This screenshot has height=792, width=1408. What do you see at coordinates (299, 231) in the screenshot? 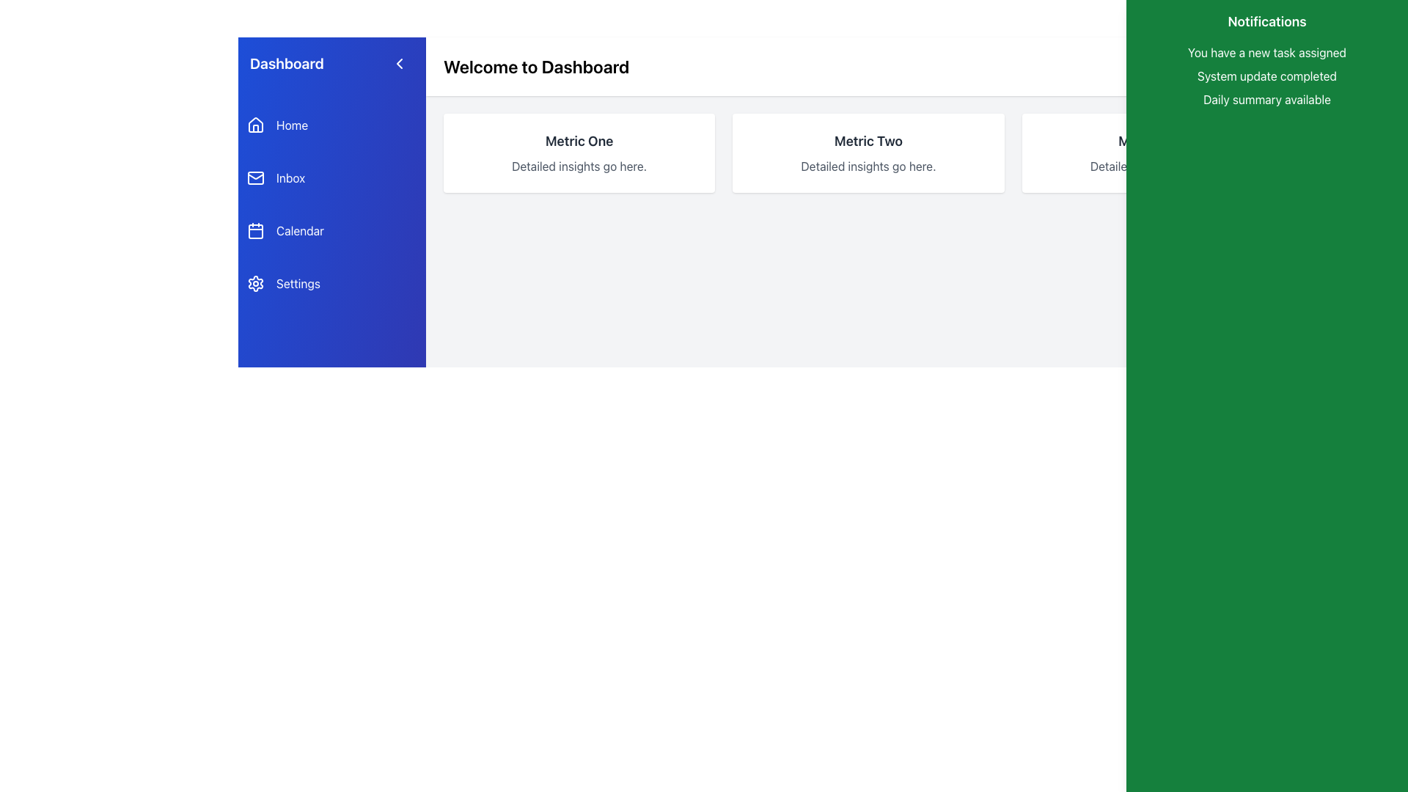
I see `the 'Calendar' text label in the sidebar panel` at bounding box center [299, 231].